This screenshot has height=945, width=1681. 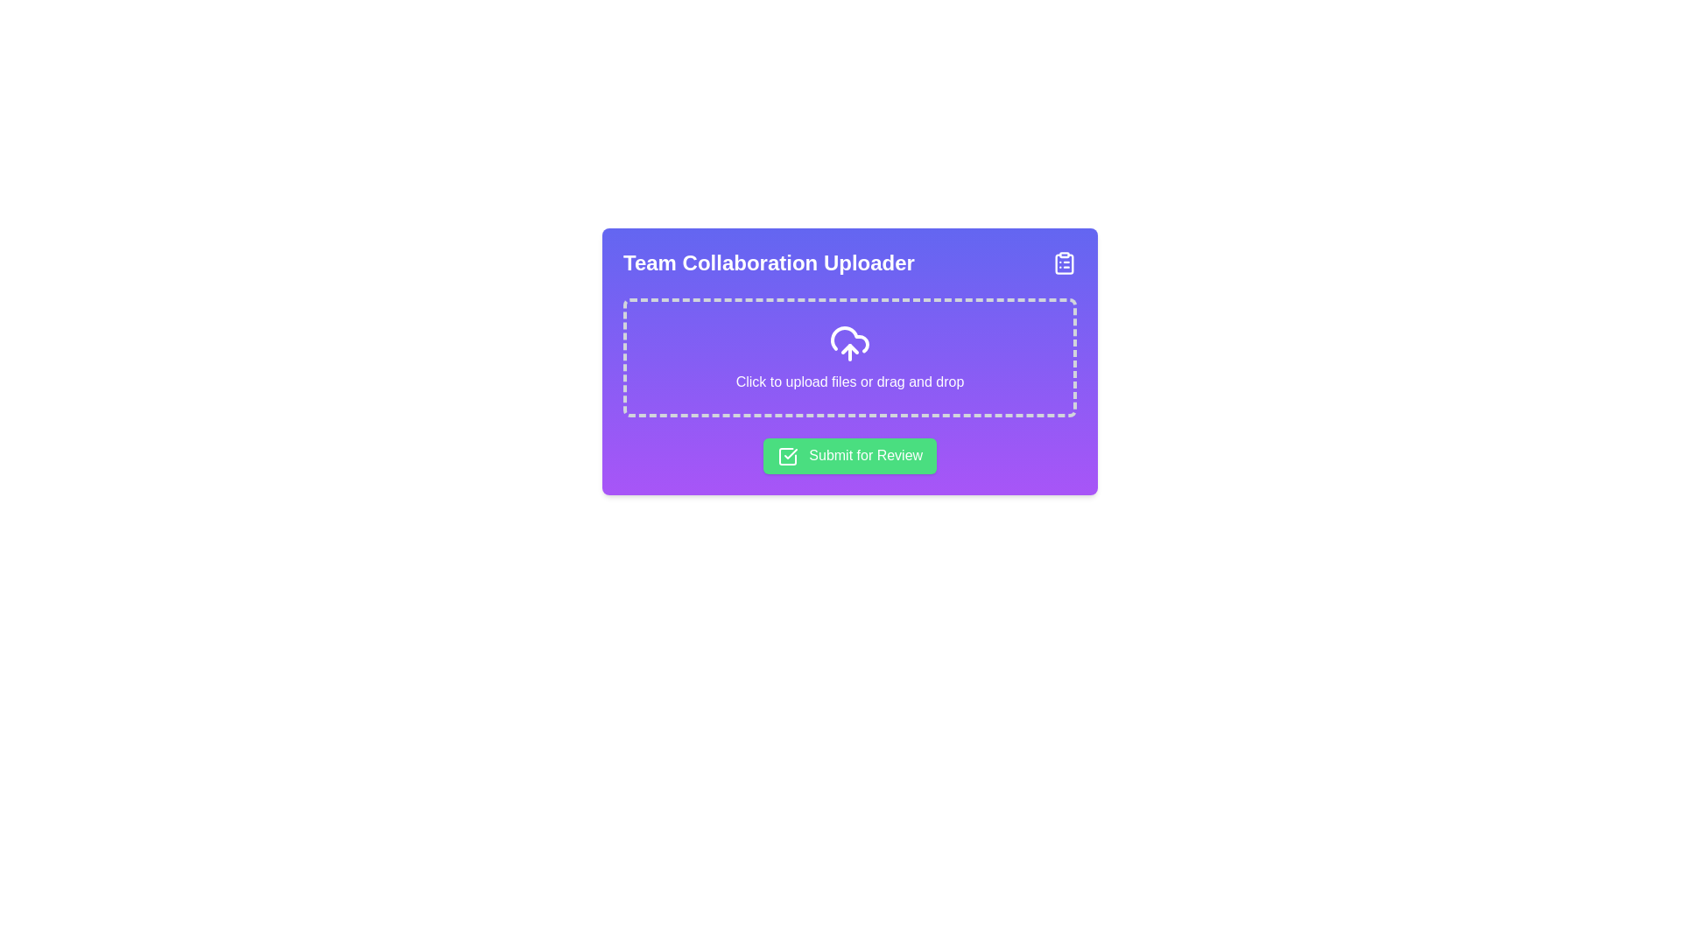 I want to click on the 'Submit for Review' button that contains the green checkmark icon on the left side, so click(x=786, y=455).